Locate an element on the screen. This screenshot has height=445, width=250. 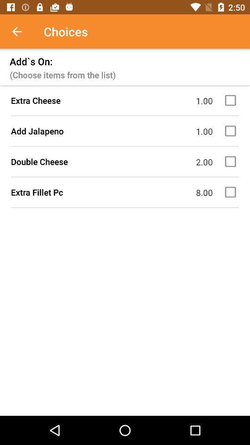
to select the double cheese option is located at coordinates (231, 161).